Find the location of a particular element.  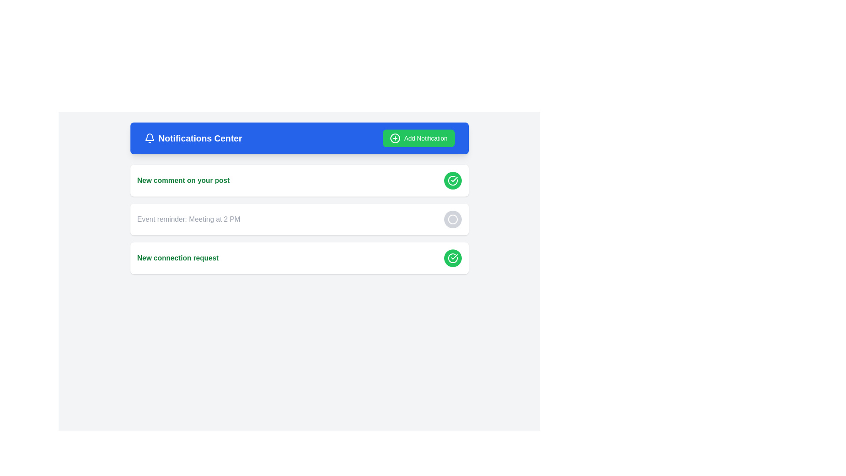

the success status icon located in the top-most list item of the notification list, aligned to the right of the item's text, to interact with the notification is located at coordinates (453, 180).